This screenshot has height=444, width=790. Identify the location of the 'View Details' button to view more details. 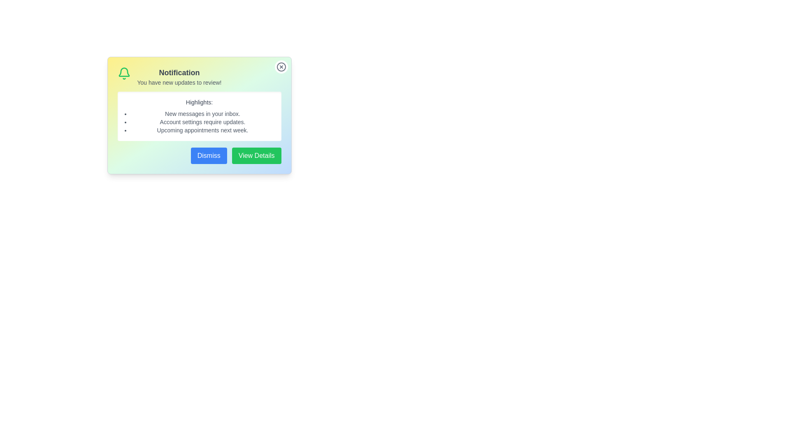
(256, 155).